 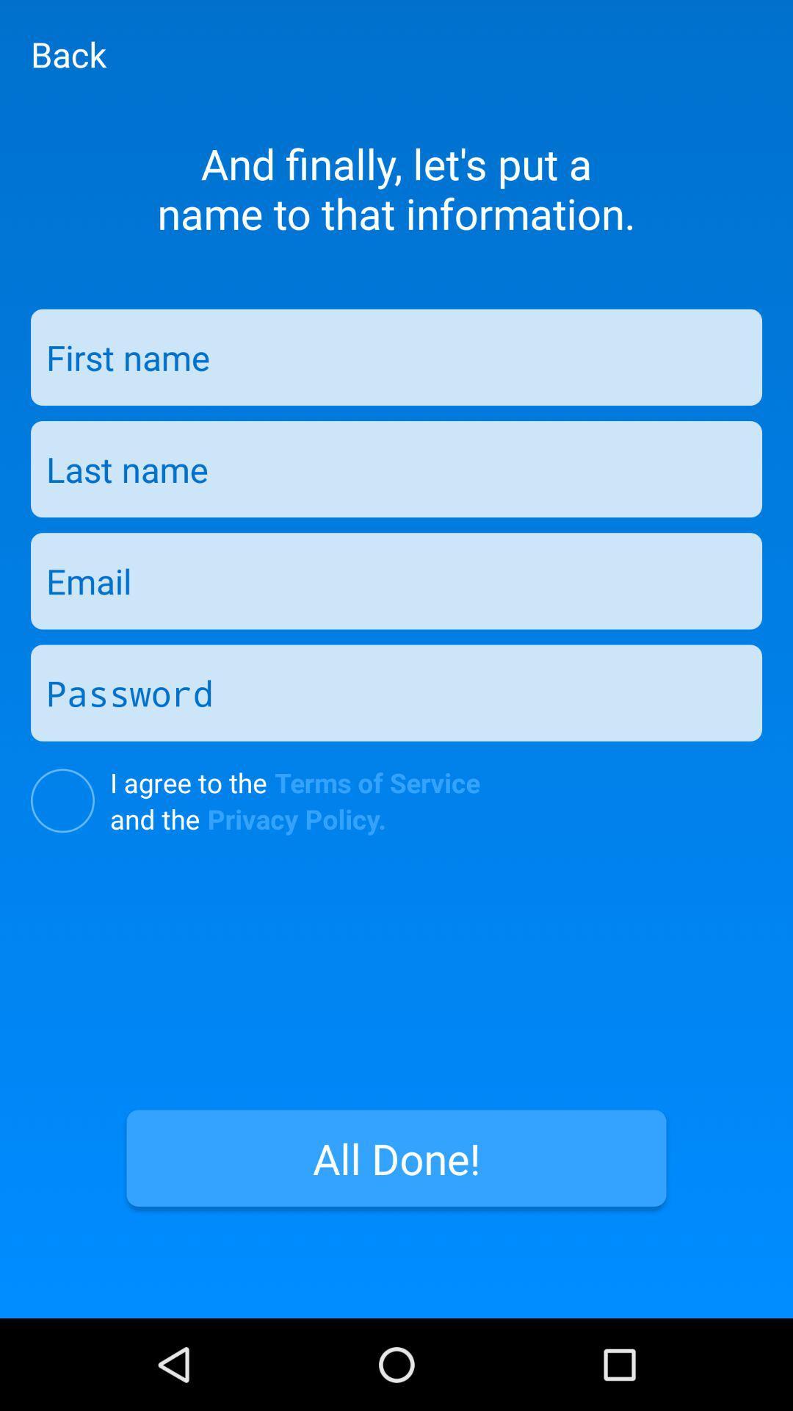 What do you see at coordinates (396, 468) in the screenshot?
I see `last name` at bounding box center [396, 468].